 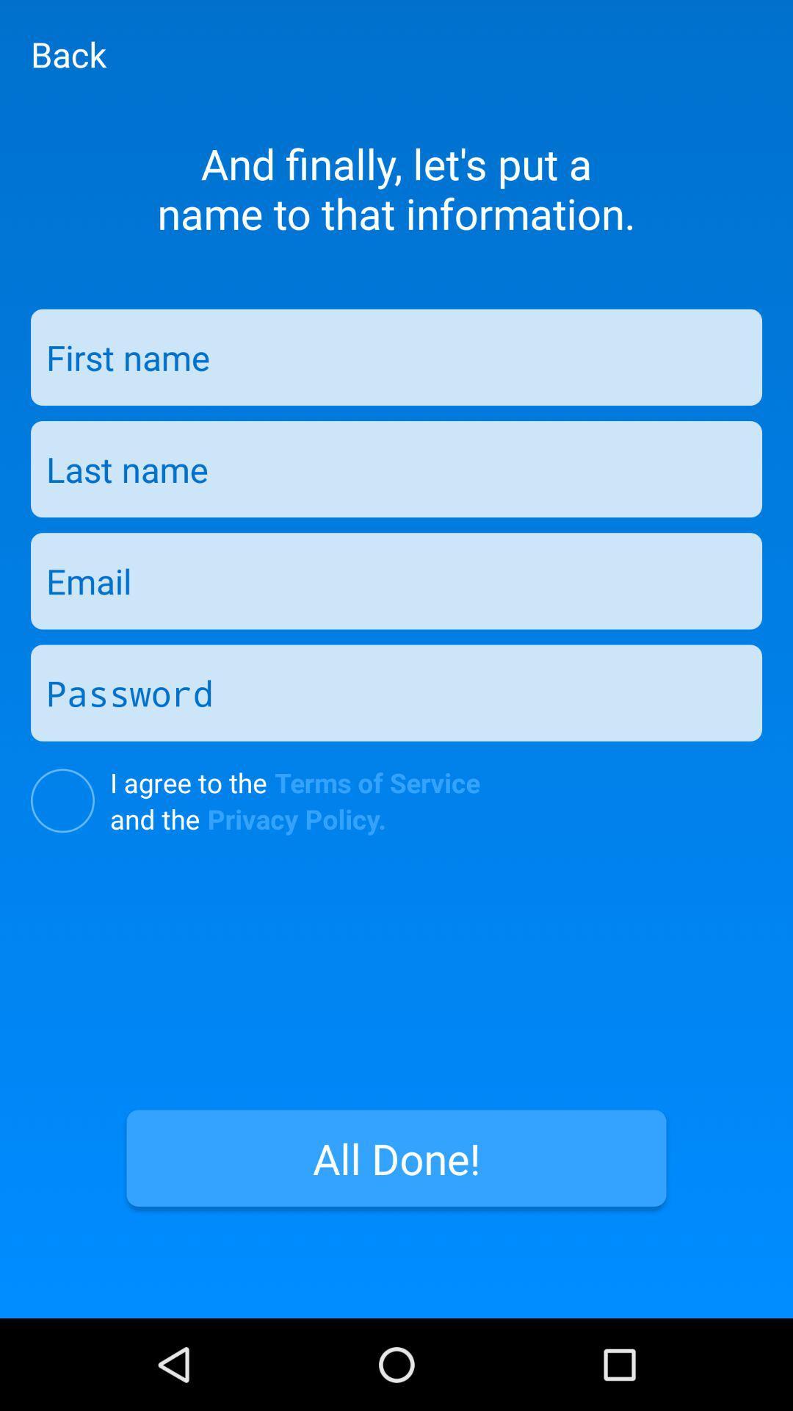 What do you see at coordinates (396, 468) in the screenshot?
I see `last name` at bounding box center [396, 468].